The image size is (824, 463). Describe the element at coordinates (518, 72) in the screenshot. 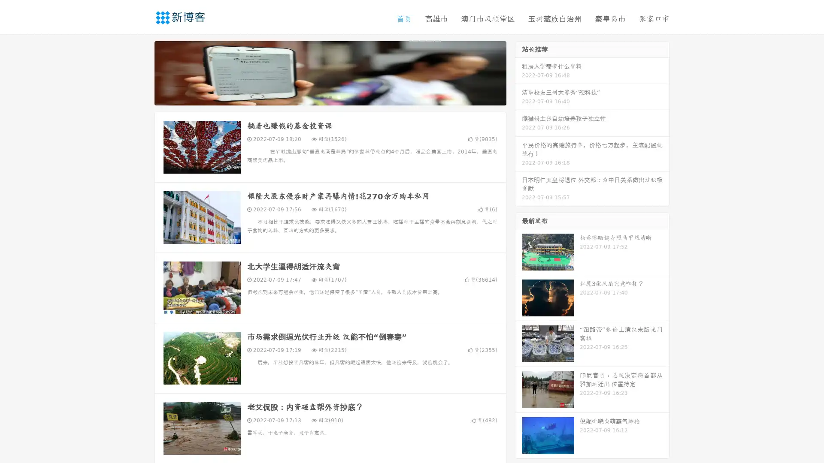

I see `Next slide` at that location.